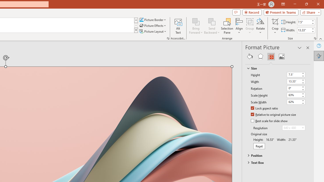 This screenshot has width=324, height=182. Describe the element at coordinates (296, 102) in the screenshot. I see `'Scale Width'` at that location.